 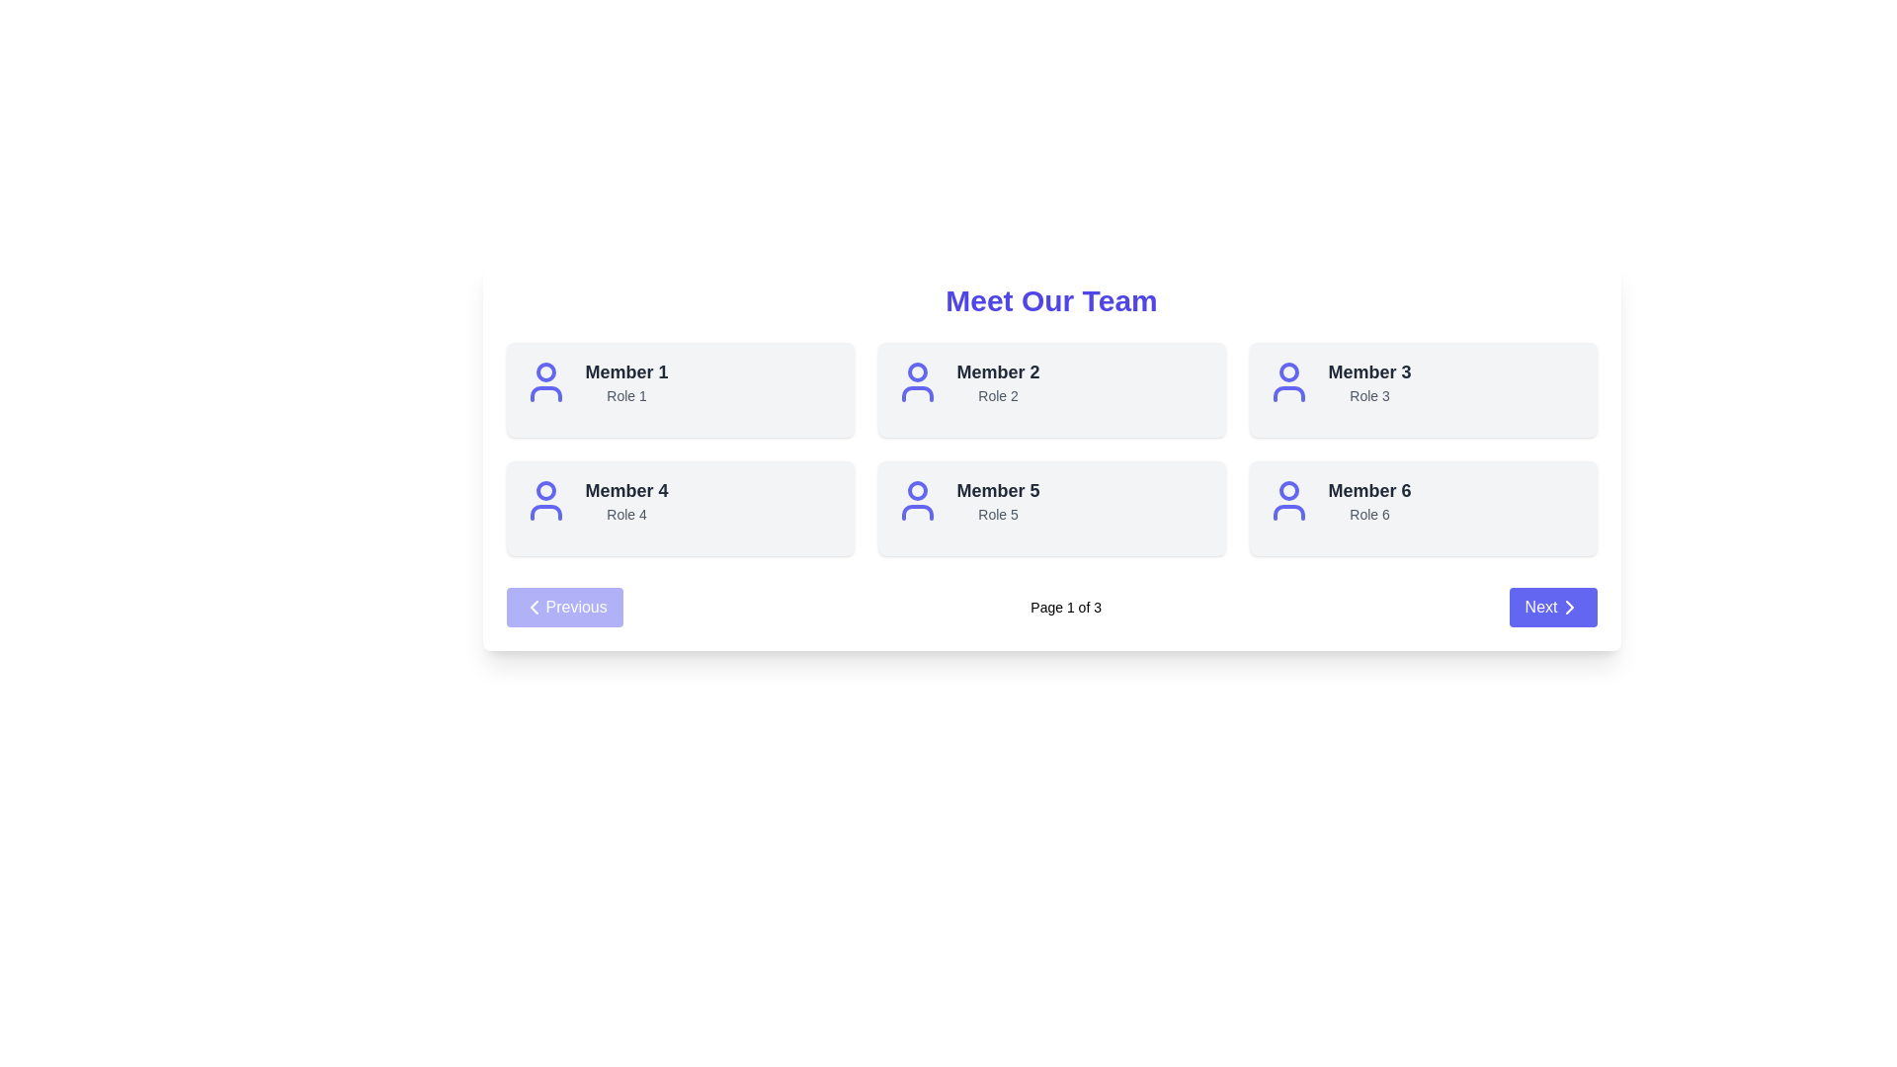 I want to click on the 'Previous' button which contains the backward navigation icon located at the bottom-left corner of the layout, so click(x=534, y=606).